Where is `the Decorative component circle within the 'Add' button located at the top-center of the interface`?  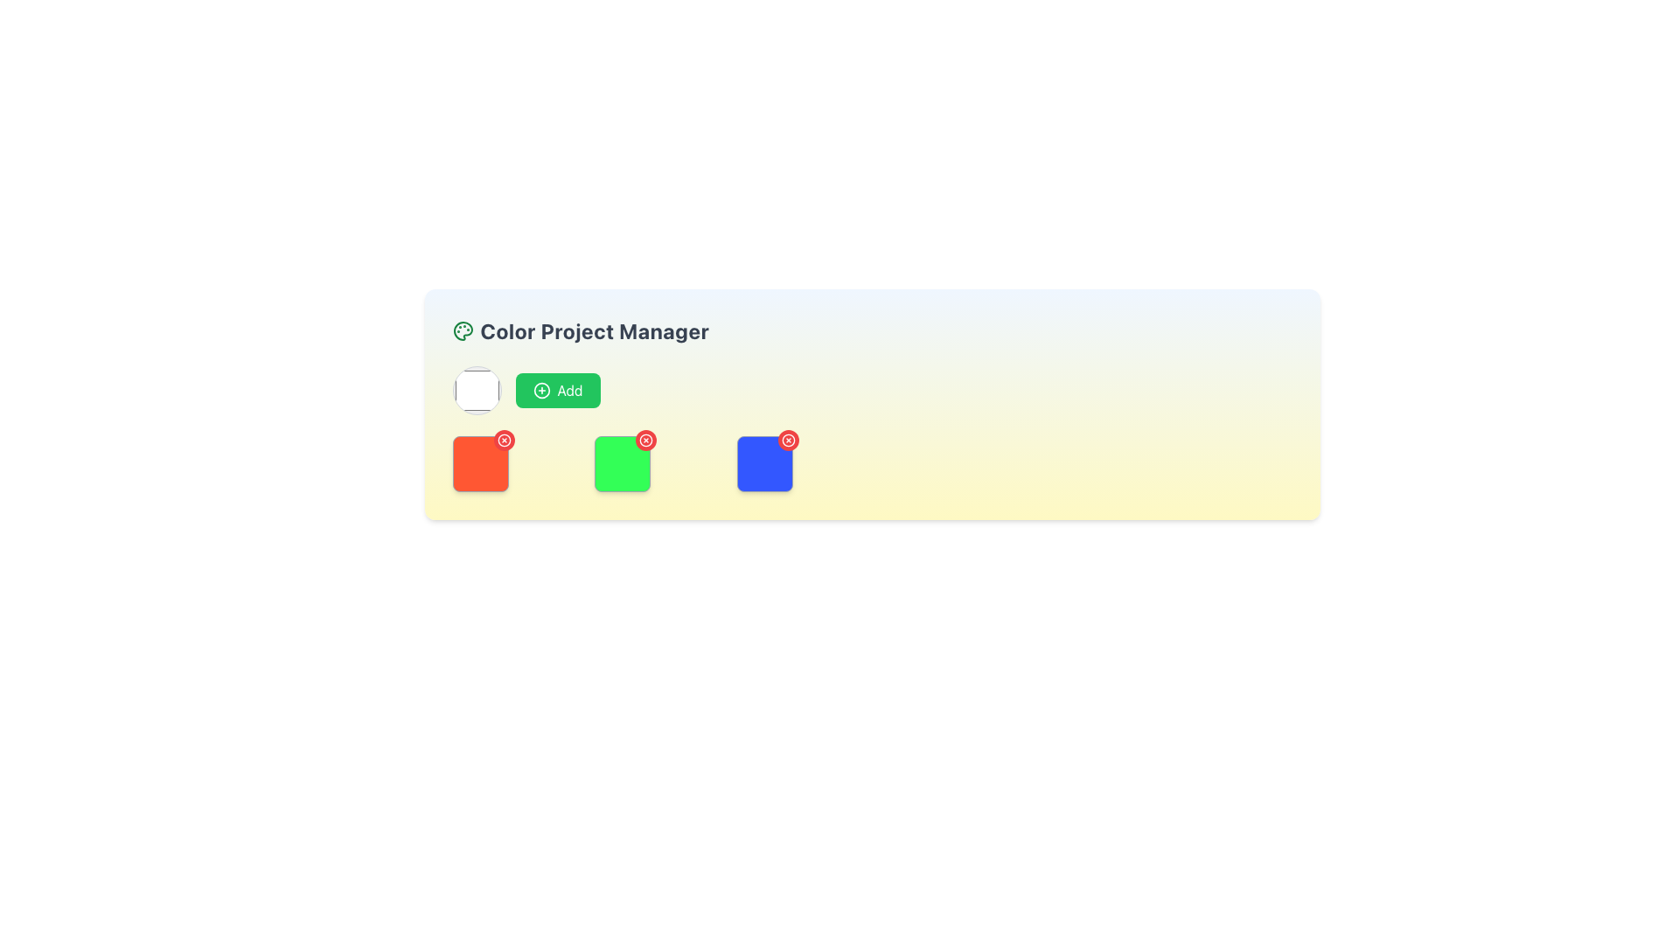
the Decorative component circle within the 'Add' button located at the top-center of the interface is located at coordinates (540, 390).